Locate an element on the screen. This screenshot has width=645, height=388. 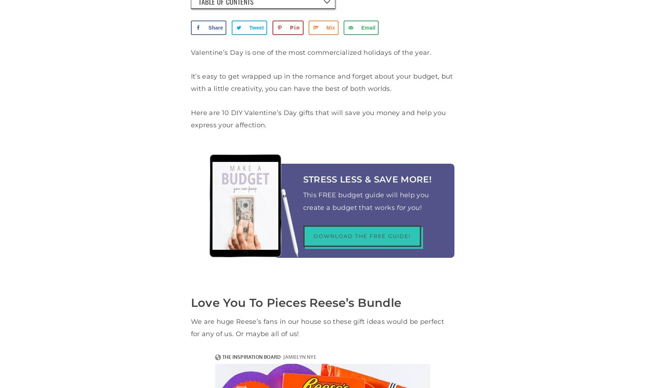
'Mix' is located at coordinates (330, 28).